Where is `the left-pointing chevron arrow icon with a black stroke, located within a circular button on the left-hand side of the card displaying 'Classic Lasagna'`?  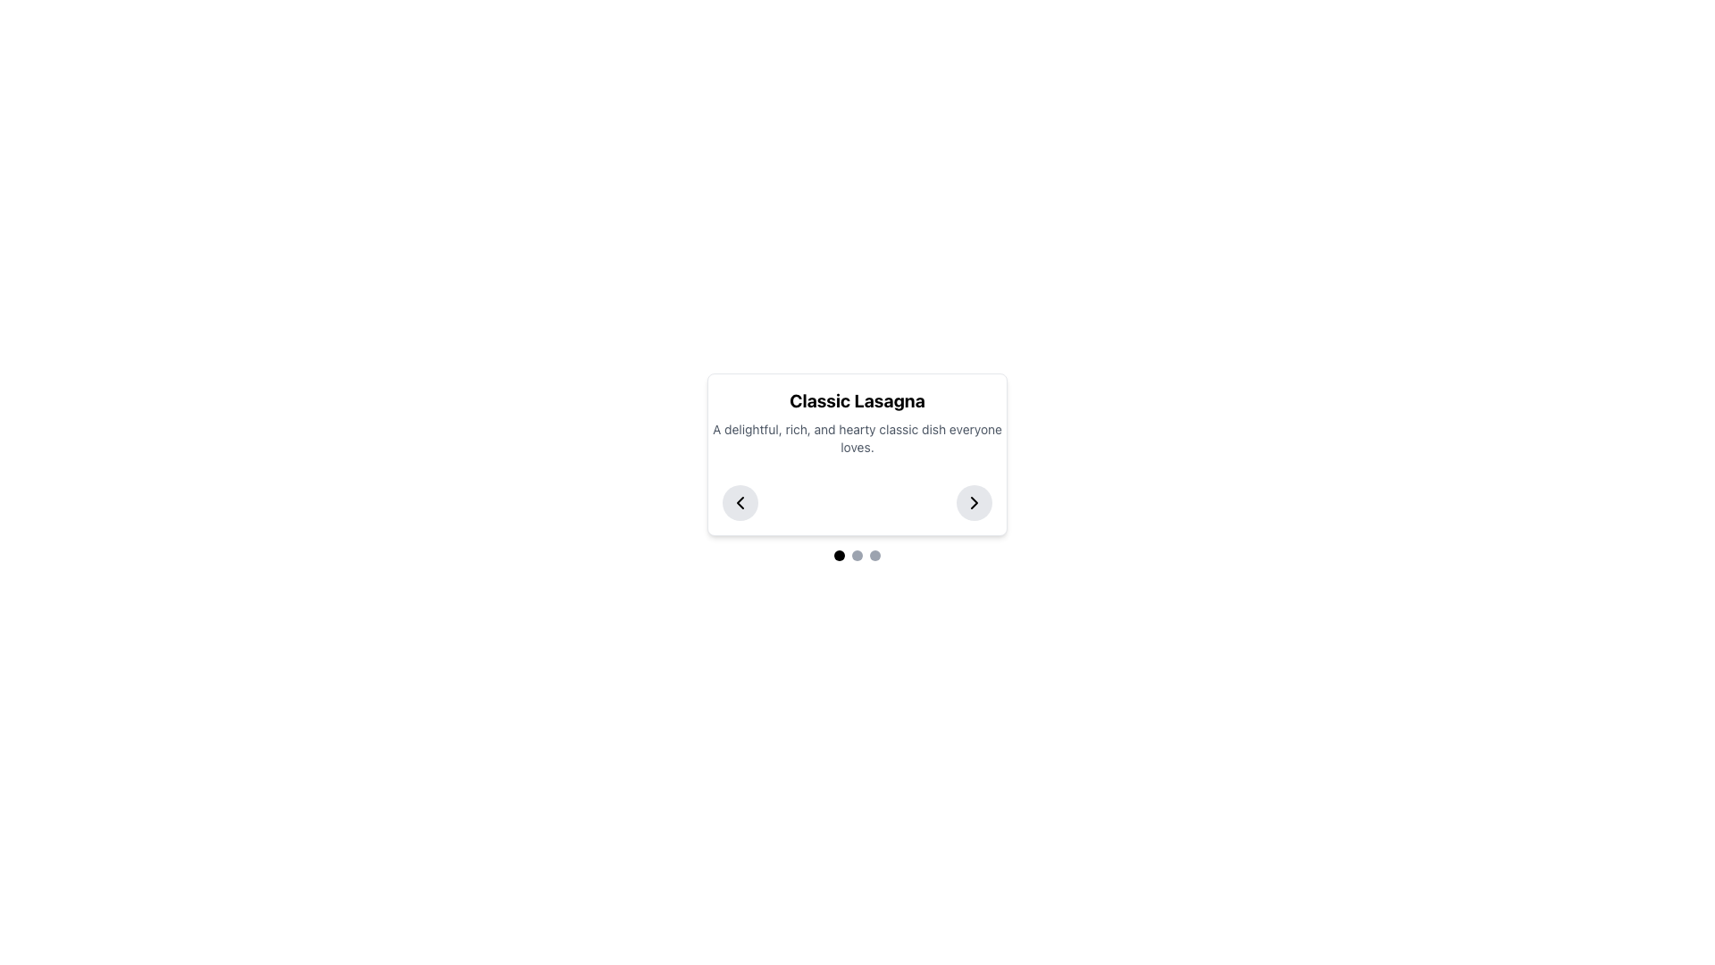 the left-pointing chevron arrow icon with a black stroke, located within a circular button on the left-hand side of the card displaying 'Classic Lasagna' is located at coordinates (740, 503).